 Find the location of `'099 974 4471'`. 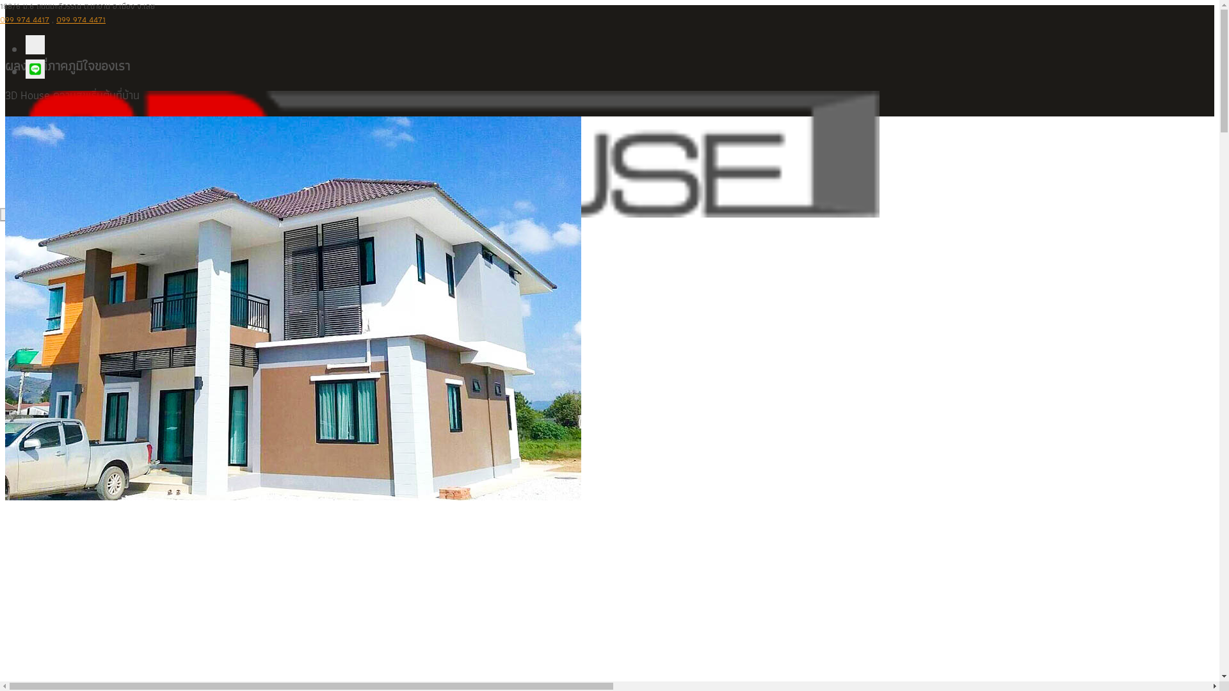

'099 974 4471' is located at coordinates (55, 19).